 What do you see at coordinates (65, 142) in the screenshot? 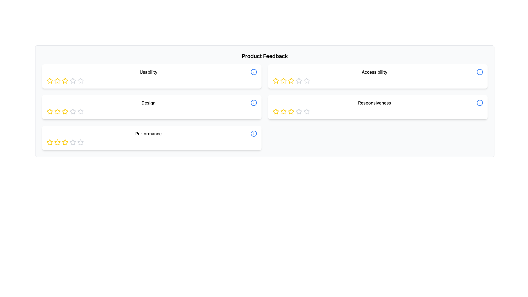
I see `the third star rating icon, which is a yellow-filled star with an outline, located in the Performance section of the interface` at bounding box center [65, 142].